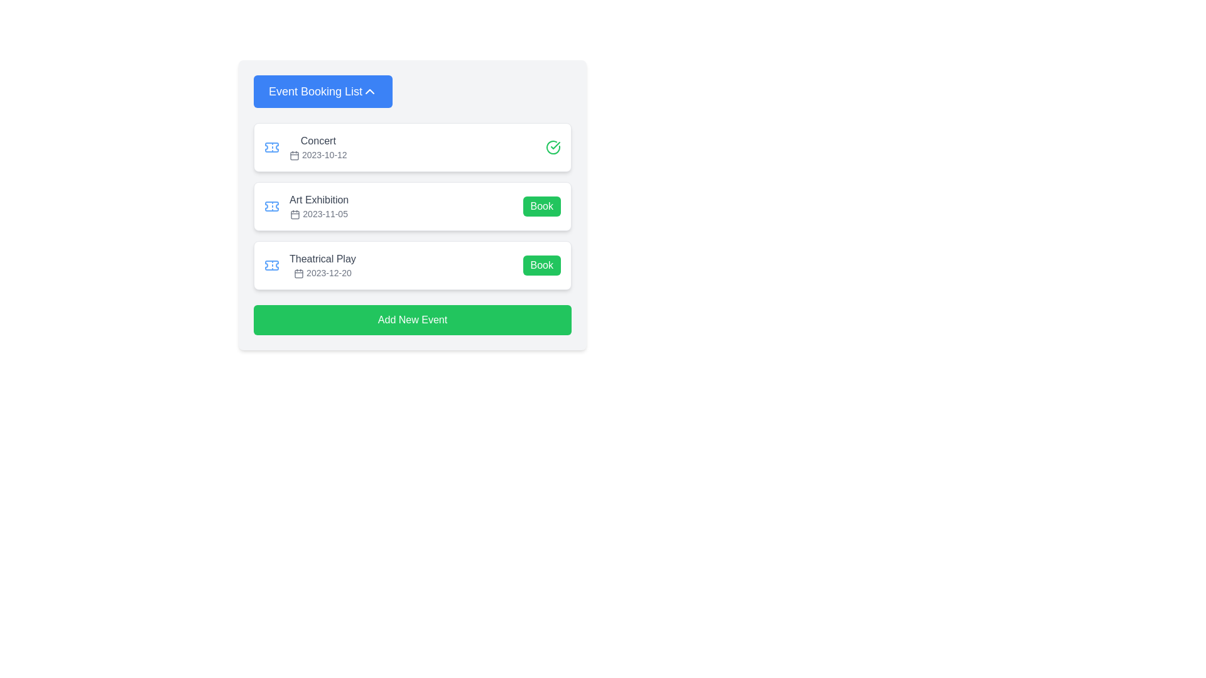 This screenshot has width=1206, height=678. I want to click on SVG rectangle element of the calendar icon for the 'Art Exhibition' event entry located to the left of the '2023-11-05' date in the second row of the event listing, so click(295, 215).